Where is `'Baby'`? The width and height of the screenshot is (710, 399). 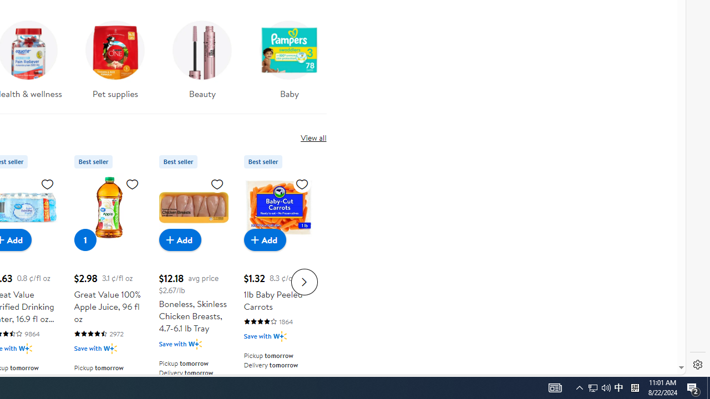
'Baby' is located at coordinates (289, 56).